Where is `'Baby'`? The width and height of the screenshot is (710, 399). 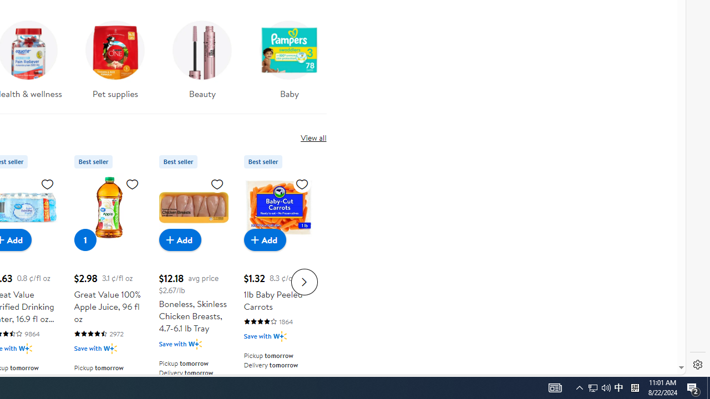
'Baby' is located at coordinates (289, 56).